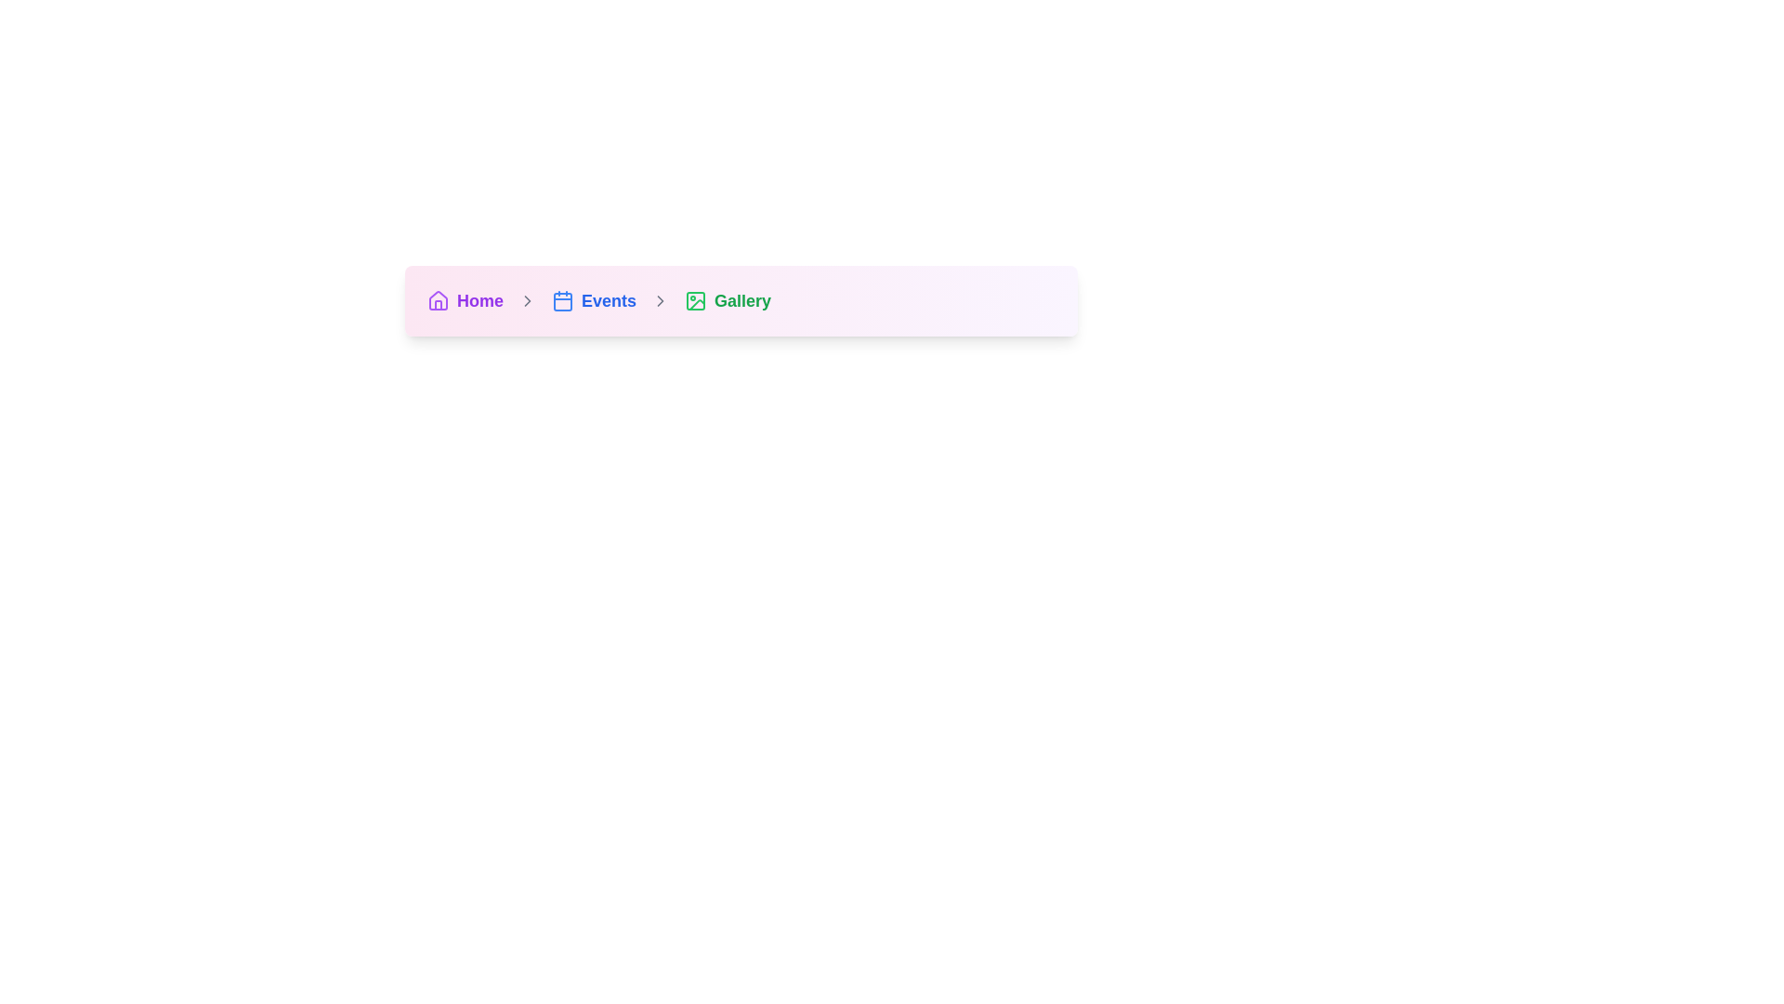 The height and width of the screenshot is (1004, 1784). I want to click on the 'Gallery' static text element, which is positioned to the right of a green image icon in a breadcrumb navigation component, so click(741, 300).